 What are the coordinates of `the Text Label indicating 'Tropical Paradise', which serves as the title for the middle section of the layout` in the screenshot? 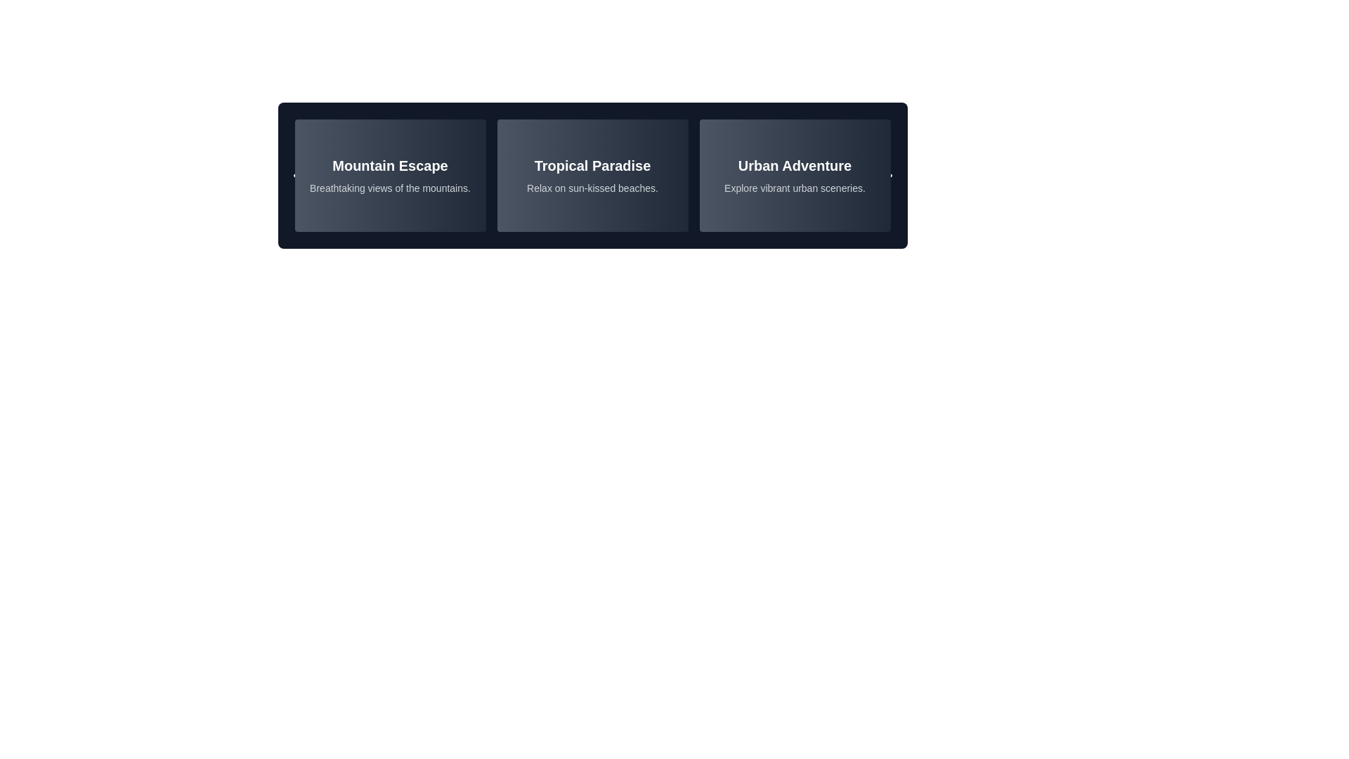 It's located at (592, 164).